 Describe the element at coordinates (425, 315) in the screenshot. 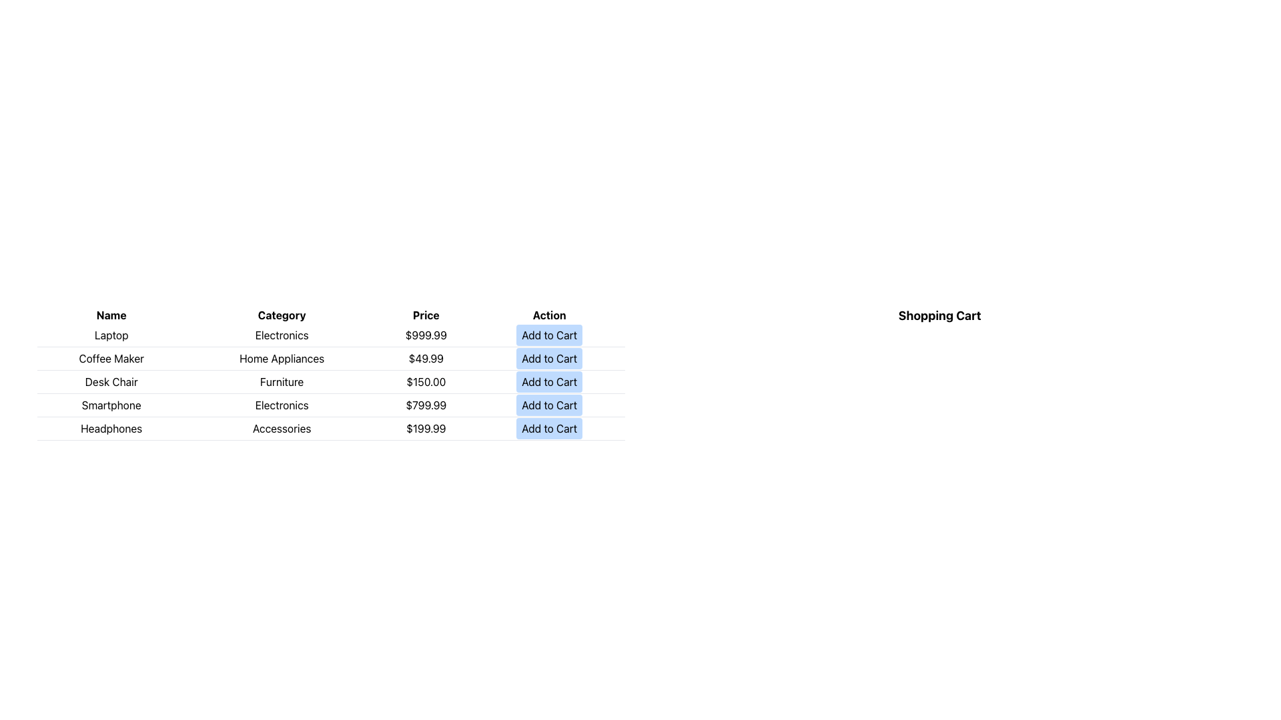

I see `the 'Price' column header in the table, which is located between the 'Category' and 'Action' headers` at that location.